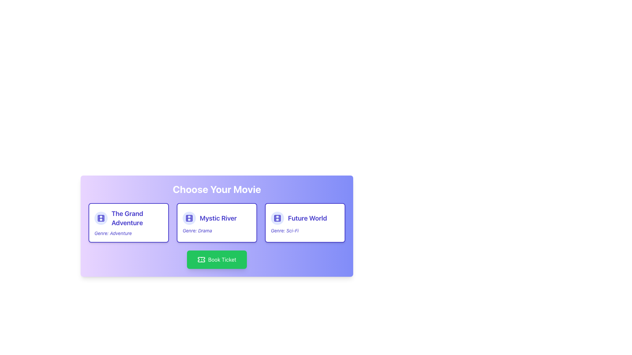 The height and width of the screenshot is (355, 632). I want to click on the 'Future World' interactive card, which is the third card in a grid layout with a white background and indigo text, so click(304, 223).